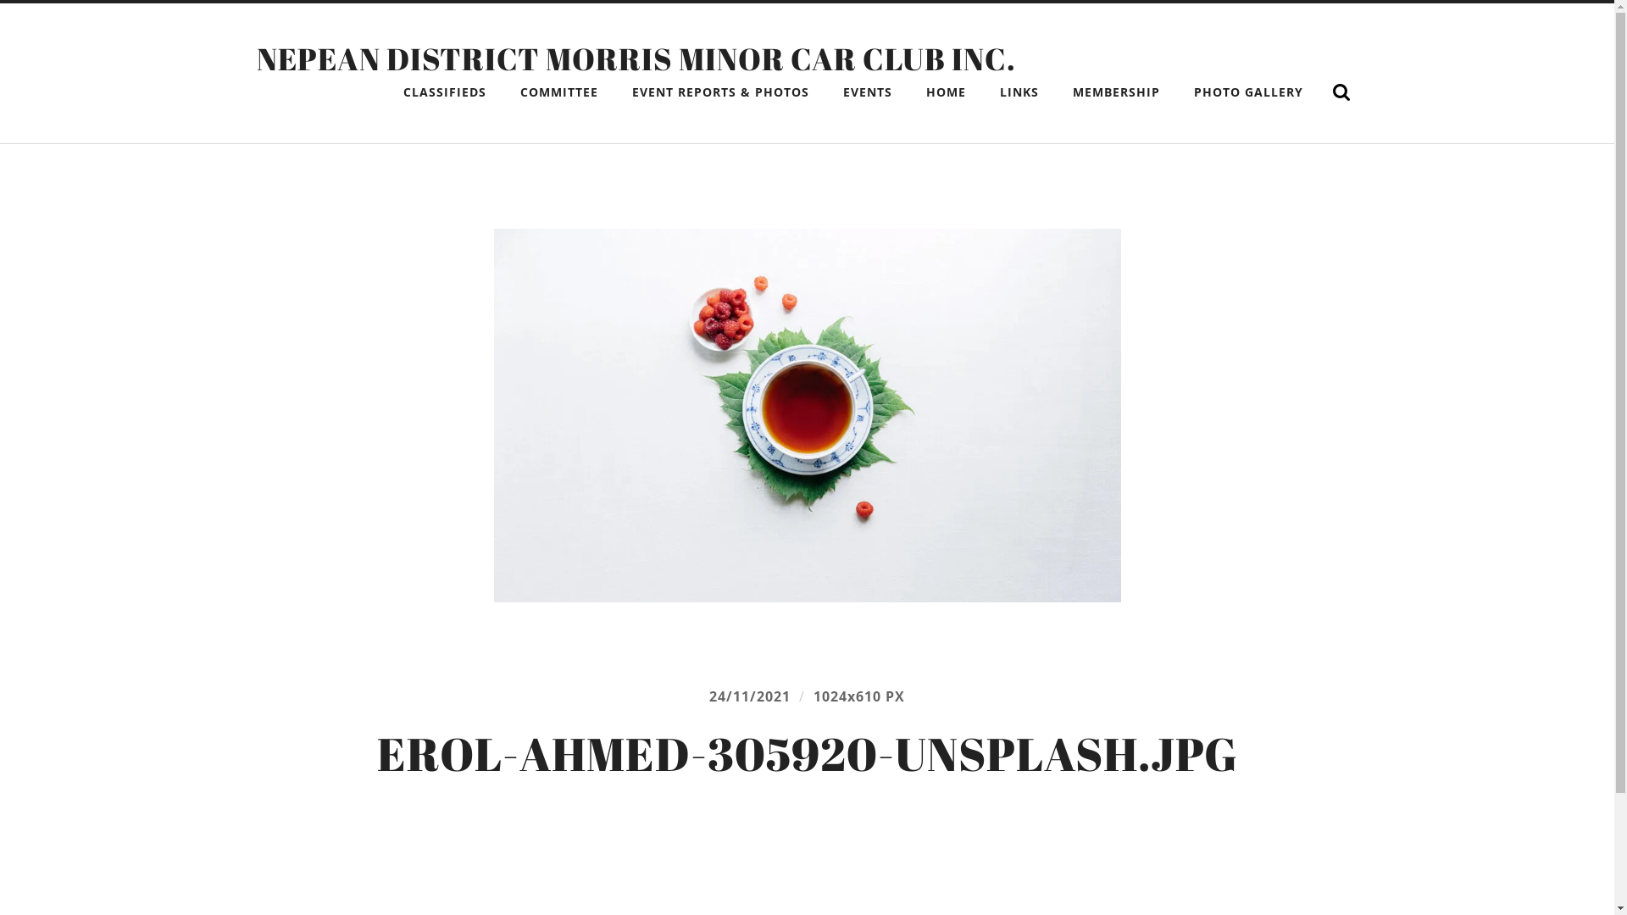 Image resolution: width=1627 pixels, height=915 pixels. Describe the element at coordinates (867, 91) in the screenshot. I see `'EVENTS'` at that location.